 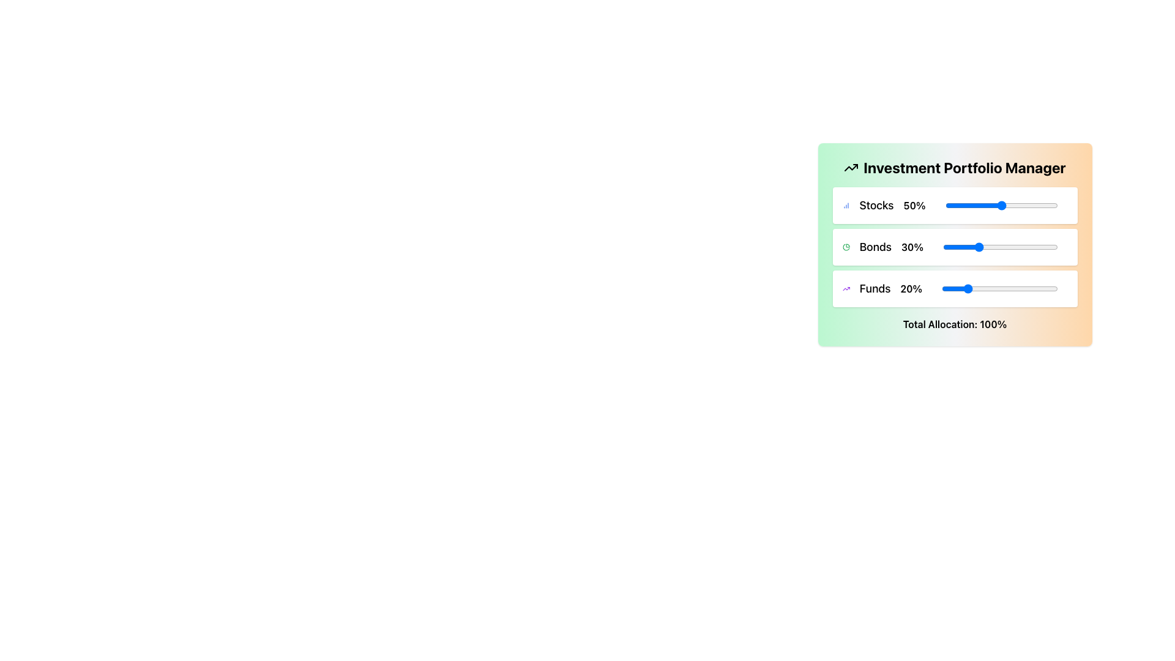 I want to click on the Bonds slider value, so click(x=969, y=247).